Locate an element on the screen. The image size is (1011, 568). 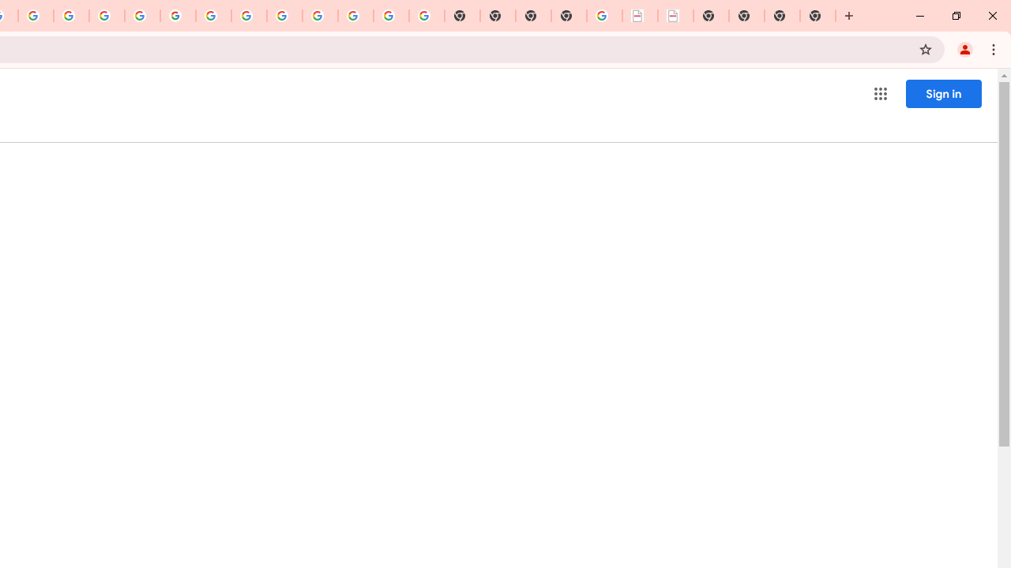
'New Tab' is located at coordinates (817, 16).